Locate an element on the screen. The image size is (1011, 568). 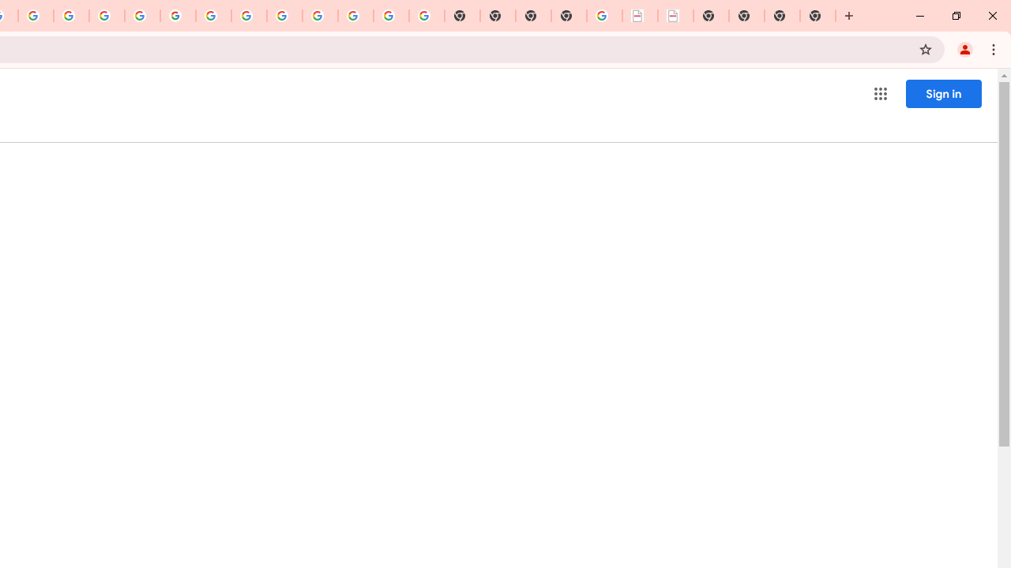
'New Tab' is located at coordinates (817, 16).